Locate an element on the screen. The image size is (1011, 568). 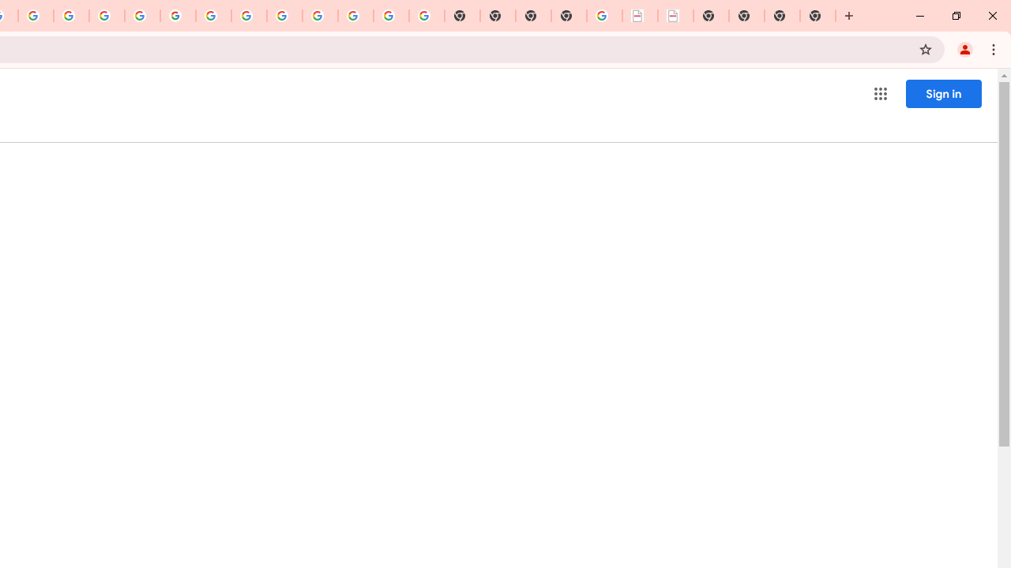
'New Tab' is located at coordinates (817, 16).